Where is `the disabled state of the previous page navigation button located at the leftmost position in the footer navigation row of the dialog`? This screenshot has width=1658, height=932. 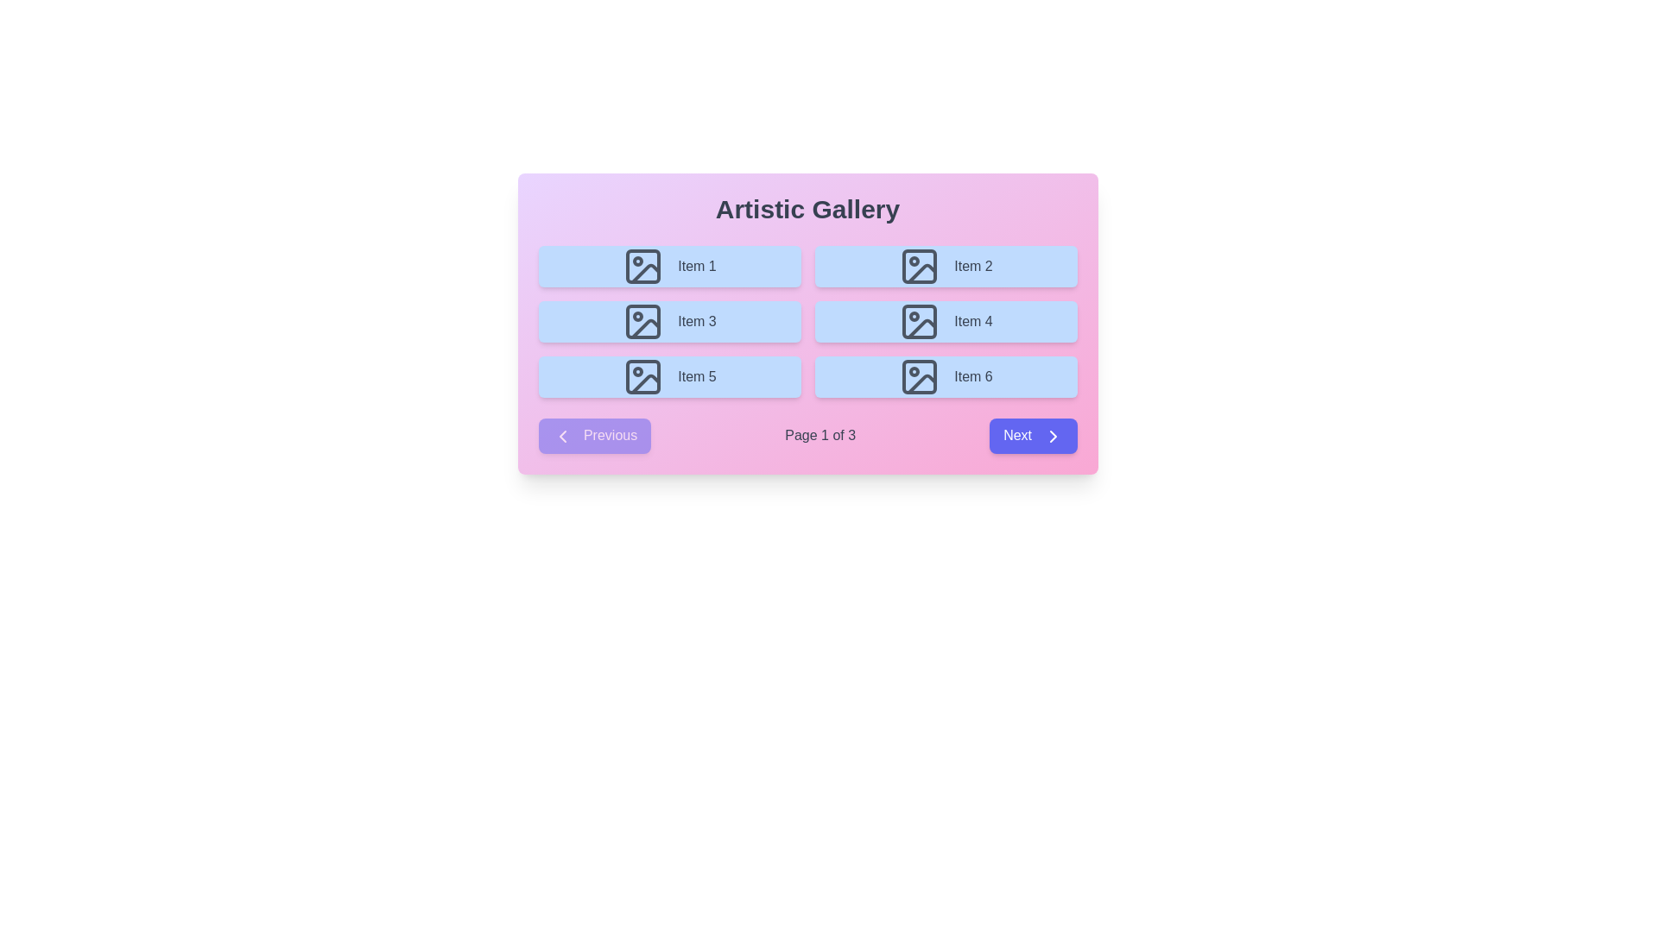 the disabled state of the previous page navigation button located at the leftmost position in the footer navigation row of the dialog is located at coordinates (594, 435).